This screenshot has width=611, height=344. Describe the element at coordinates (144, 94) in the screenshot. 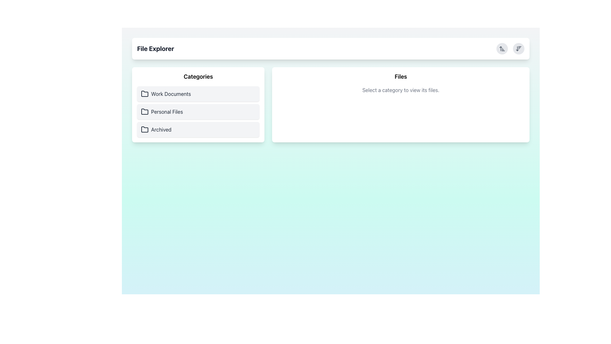

I see `the folder icon representing the 'Work Documents' category` at that location.